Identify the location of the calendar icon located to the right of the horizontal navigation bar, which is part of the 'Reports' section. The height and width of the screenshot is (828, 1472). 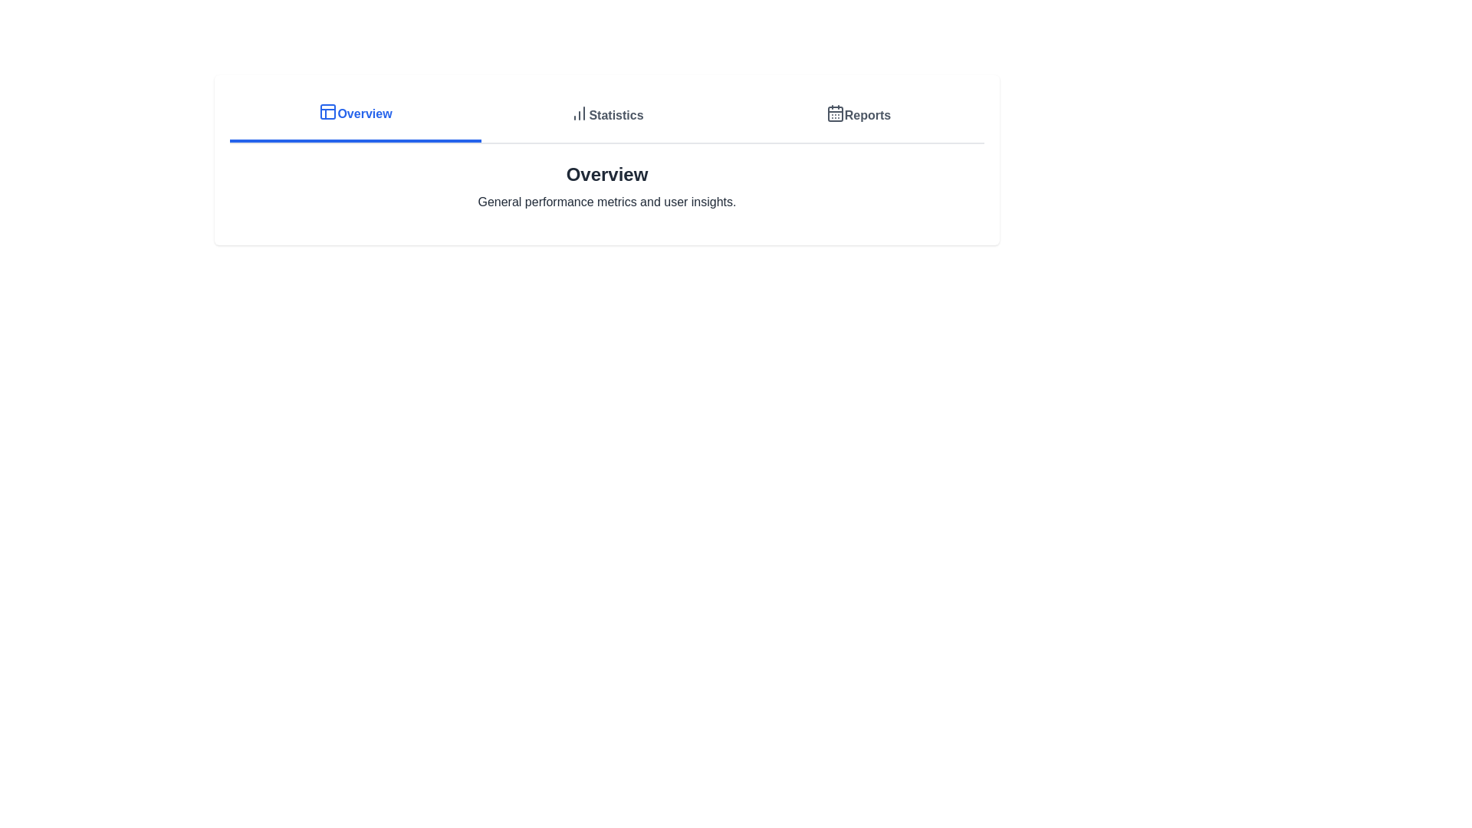
(834, 112).